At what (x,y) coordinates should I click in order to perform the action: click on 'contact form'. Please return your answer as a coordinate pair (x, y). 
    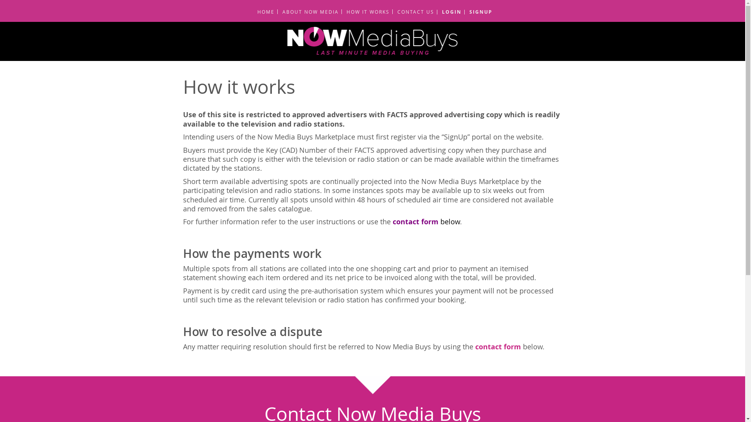
    Looking at the image, I should click on (497, 346).